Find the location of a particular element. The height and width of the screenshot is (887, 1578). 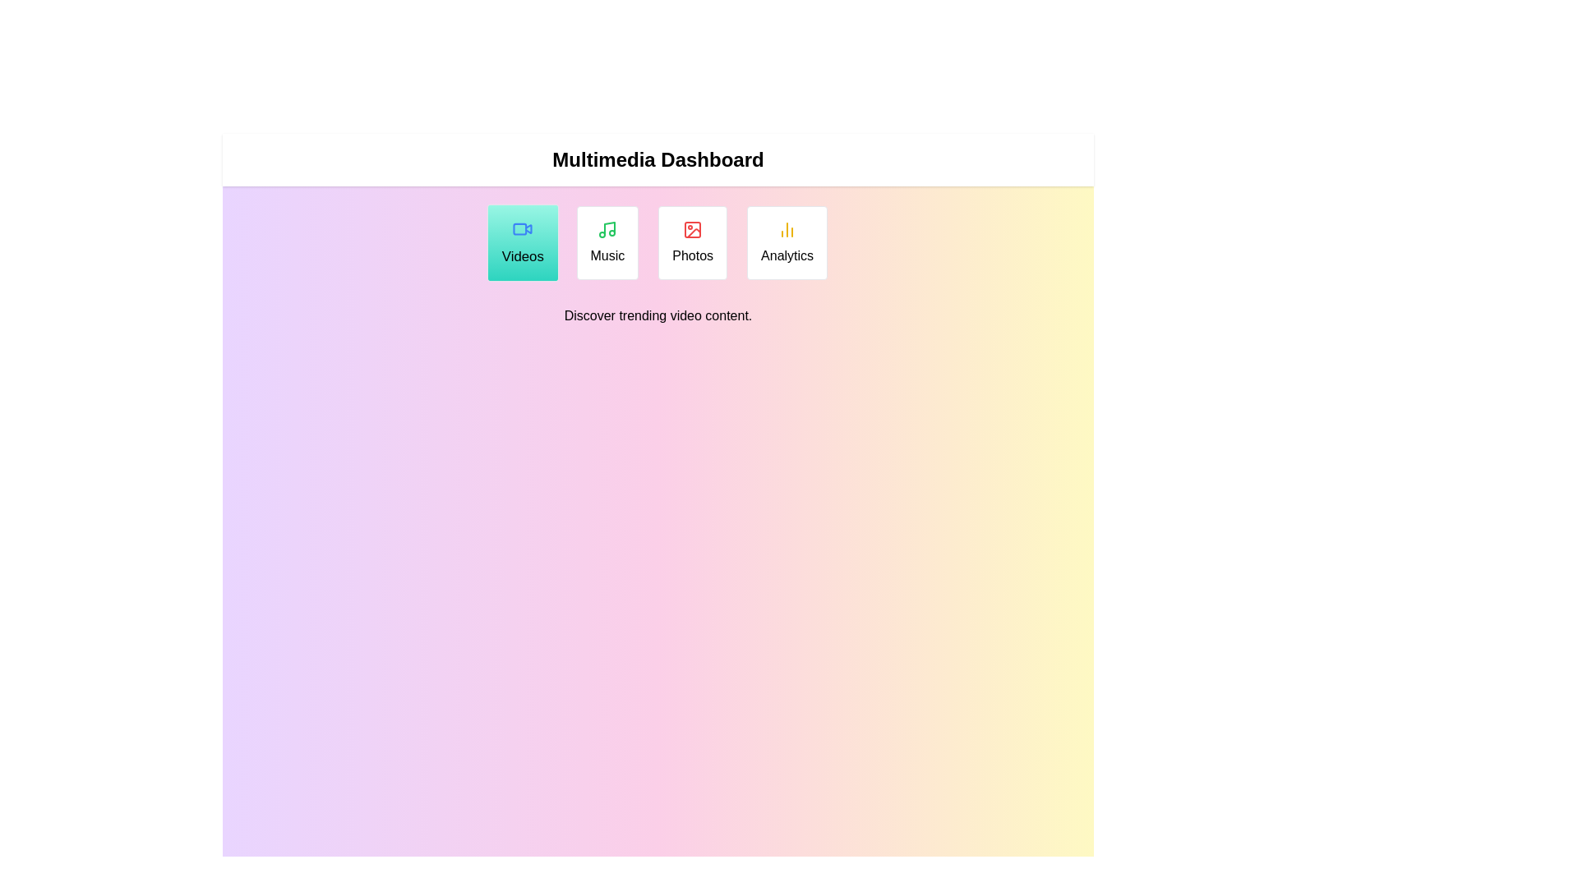

the Photos tab to read its description is located at coordinates (693, 243).